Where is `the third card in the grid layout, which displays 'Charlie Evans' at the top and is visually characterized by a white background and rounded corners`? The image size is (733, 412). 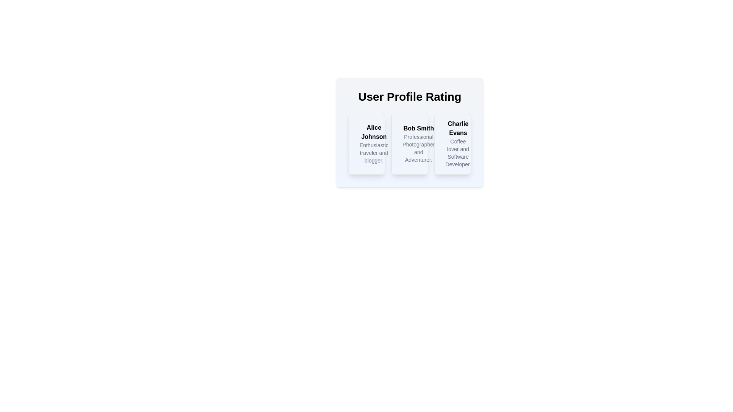 the third card in the grid layout, which displays 'Charlie Evans' at the top and is visually characterized by a white background and rounded corners is located at coordinates (452, 144).